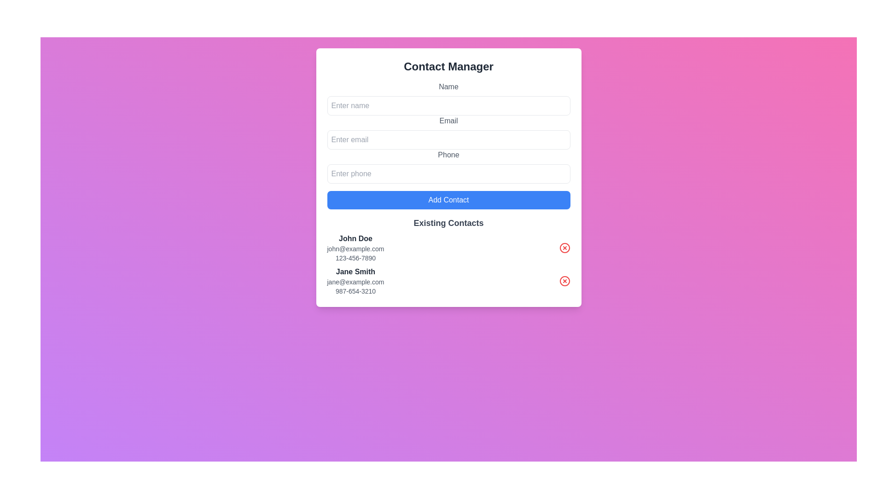  Describe the element at coordinates (448, 223) in the screenshot. I see `the 'Existing Contacts' text label, which is bold and dark gray, located under the 'Add Contact' button` at that location.